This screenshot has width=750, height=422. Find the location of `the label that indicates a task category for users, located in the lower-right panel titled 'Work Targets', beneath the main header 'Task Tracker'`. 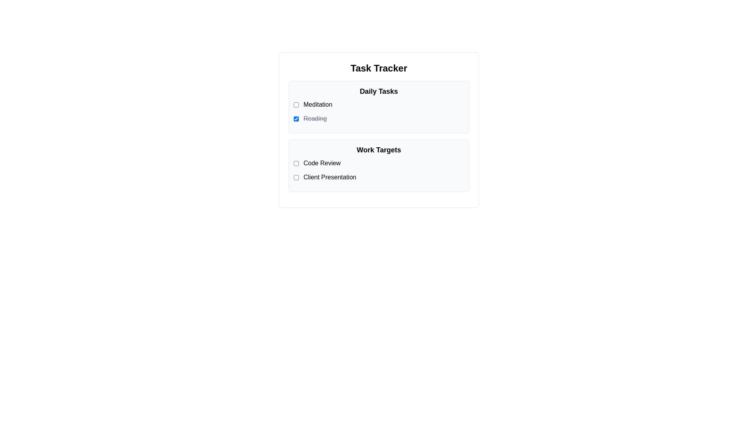

the label that indicates a task category for users, located in the lower-right panel titled 'Work Targets', beneath the main header 'Task Tracker' is located at coordinates (322, 163).